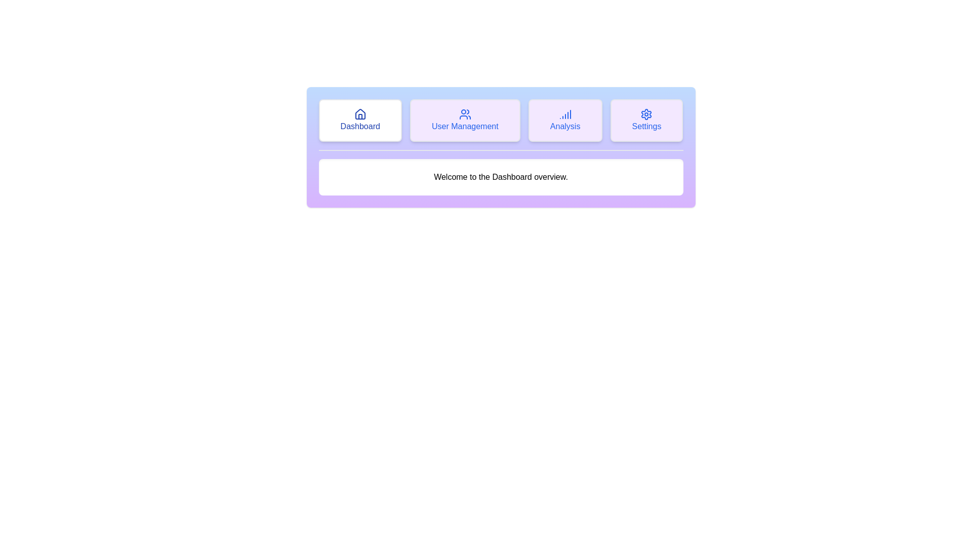  What do you see at coordinates (501, 177) in the screenshot?
I see `the instructional text block that says 'Welcome to the Dashboard overview.' to understand the dashboard's purpose and layout` at bounding box center [501, 177].